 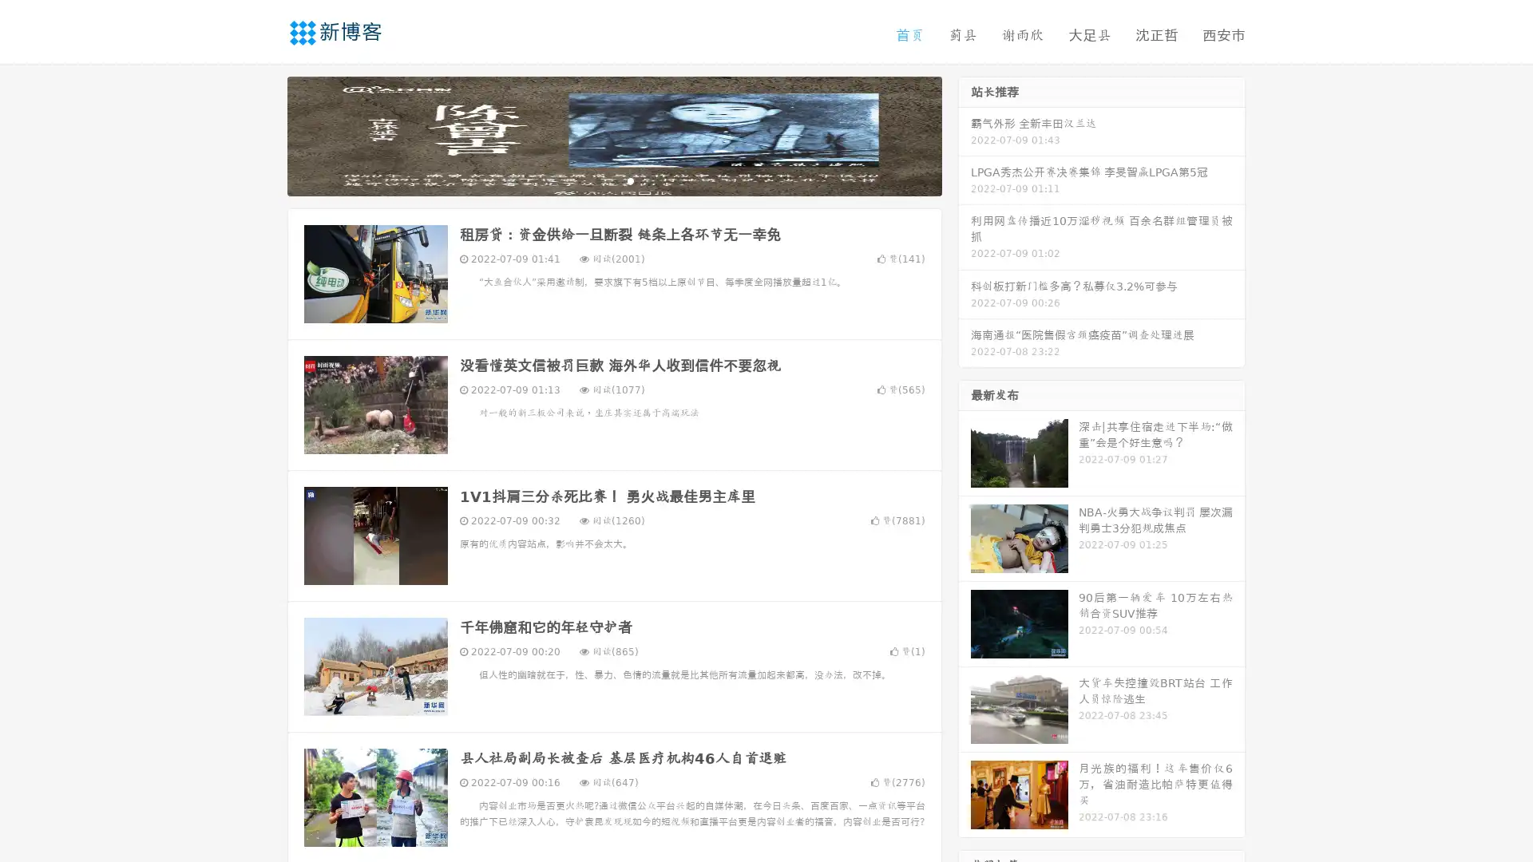 I want to click on Go to slide 1, so click(x=597, y=180).